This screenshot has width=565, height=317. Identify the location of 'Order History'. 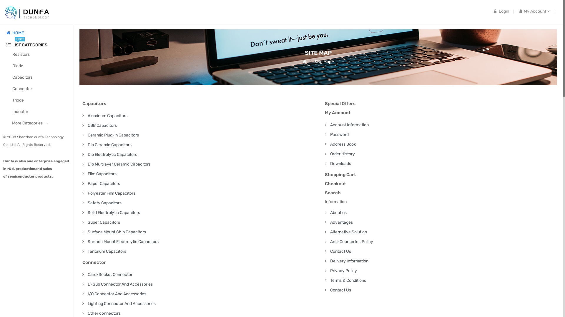
(330, 154).